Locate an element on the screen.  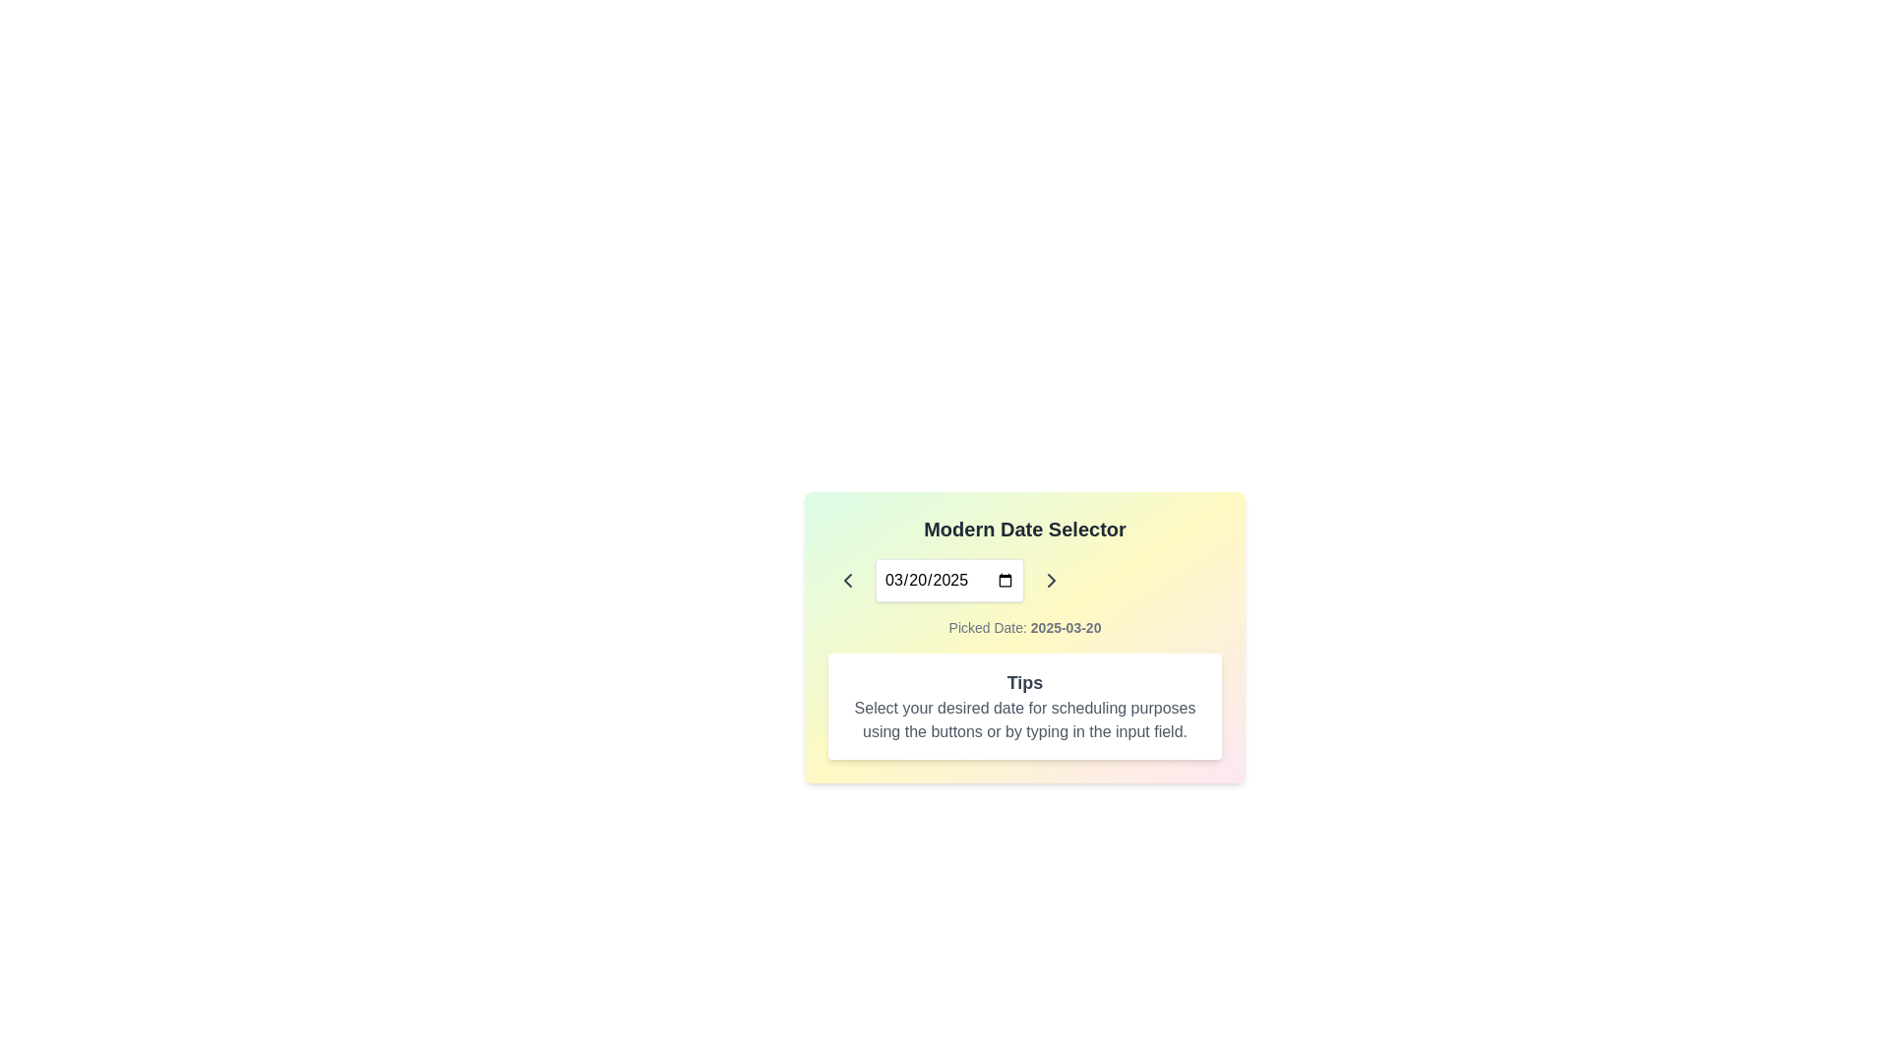
the right-pointing chevron button with a gray outline and rounded edges is located at coordinates (1051, 580).